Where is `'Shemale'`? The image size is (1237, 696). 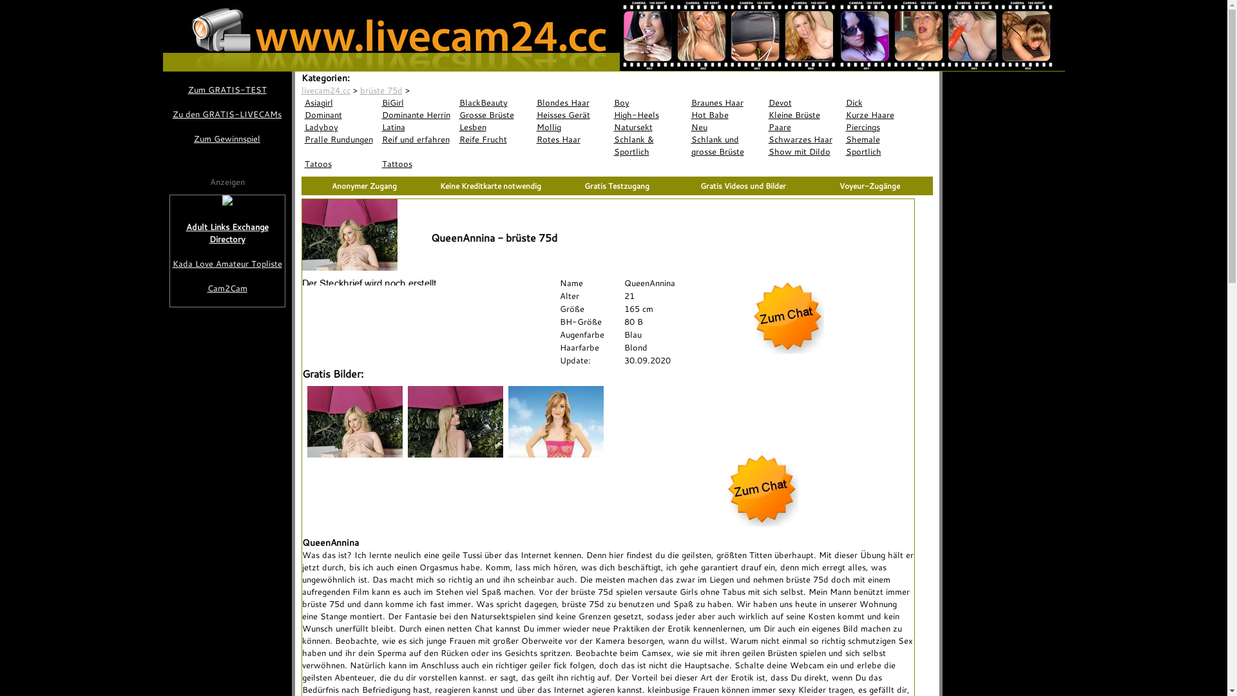
'Shemale' is located at coordinates (881, 139).